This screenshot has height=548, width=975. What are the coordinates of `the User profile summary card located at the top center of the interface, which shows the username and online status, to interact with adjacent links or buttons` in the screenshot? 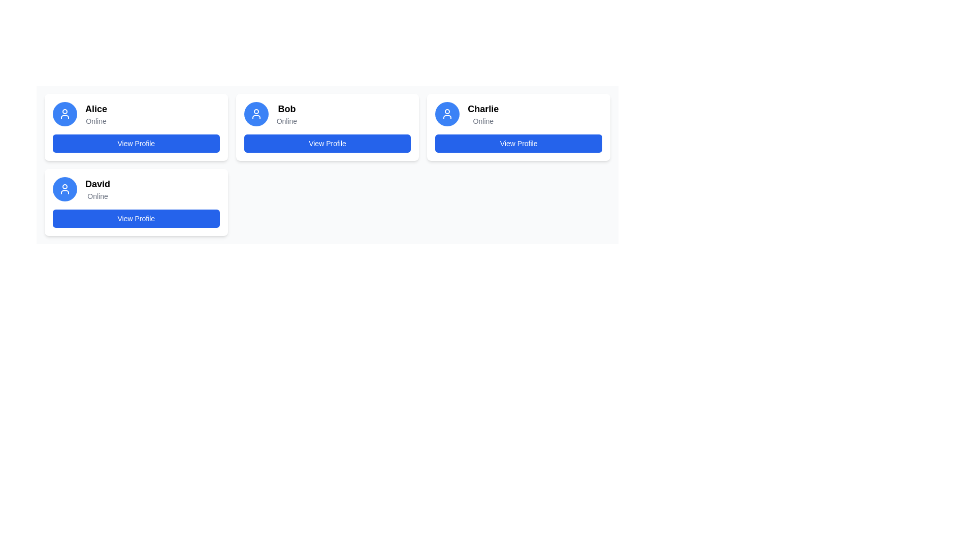 It's located at (327, 114).